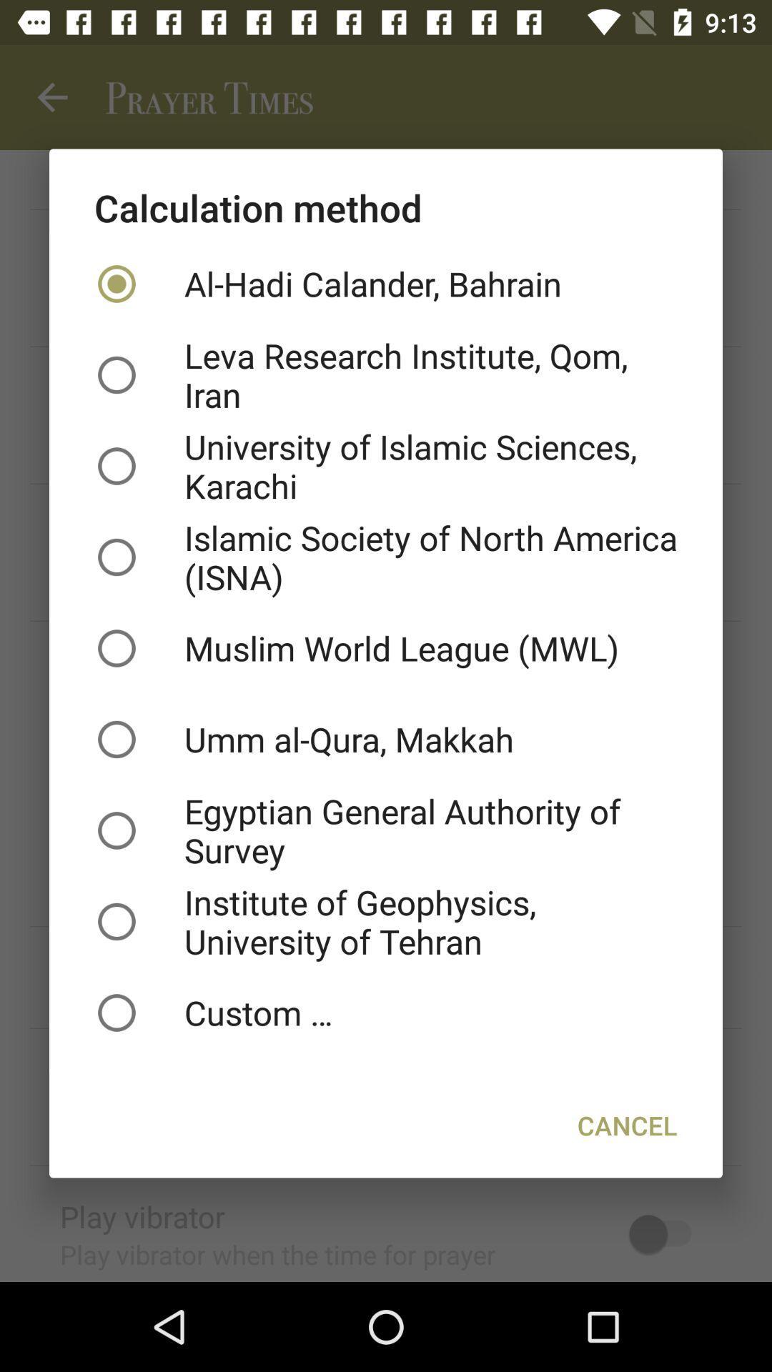 The height and width of the screenshot is (1372, 772). I want to click on the cancel item, so click(626, 1124).